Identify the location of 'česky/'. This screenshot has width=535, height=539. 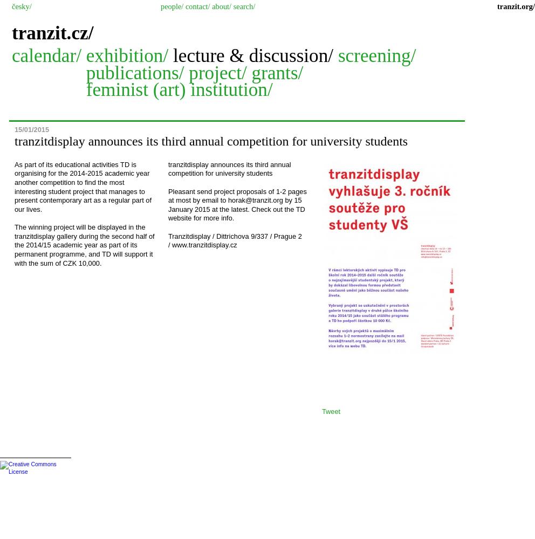
(20, 6).